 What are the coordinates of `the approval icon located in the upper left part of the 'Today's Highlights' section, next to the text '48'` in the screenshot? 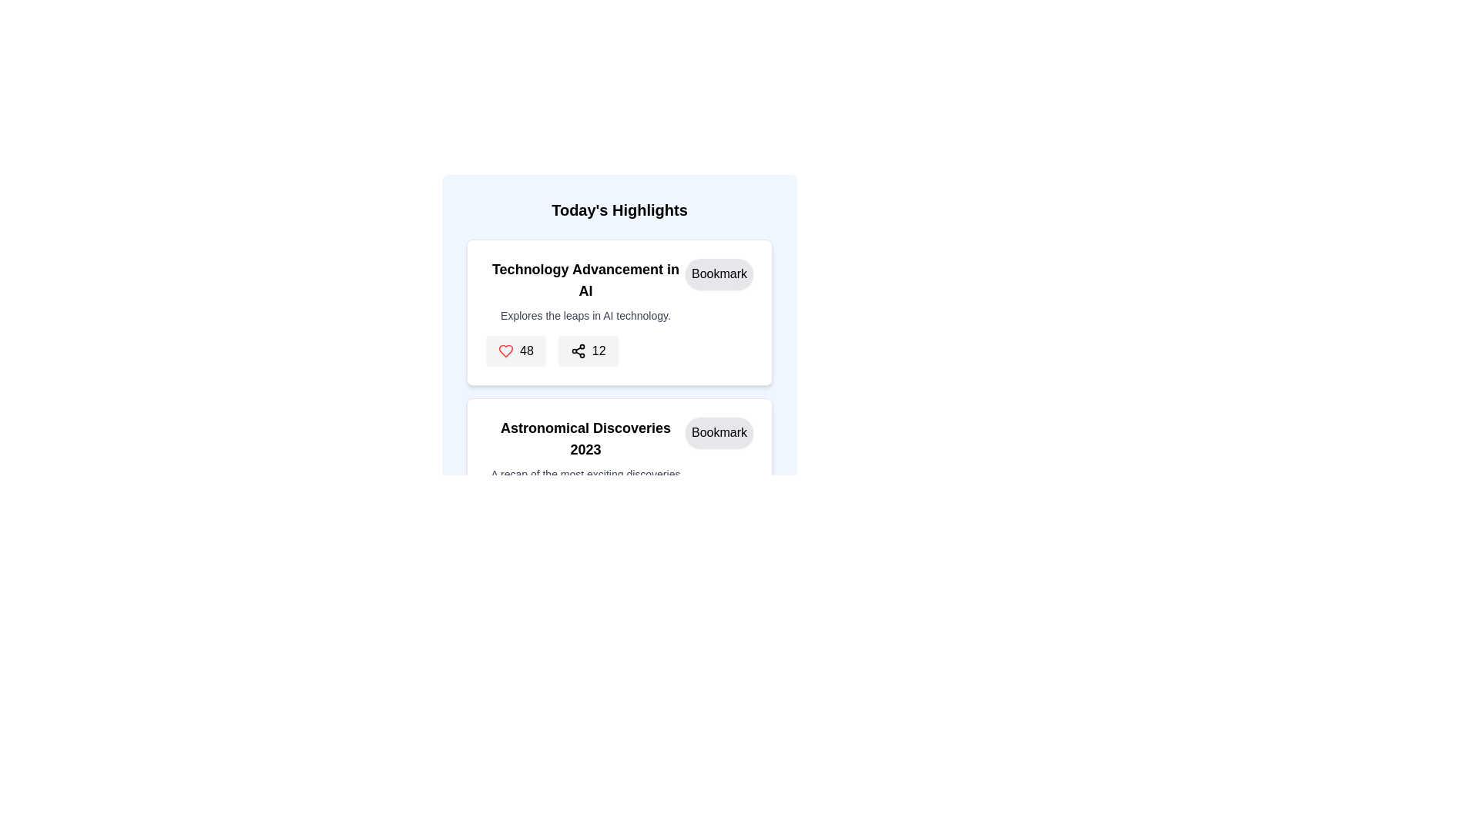 It's located at (506, 351).